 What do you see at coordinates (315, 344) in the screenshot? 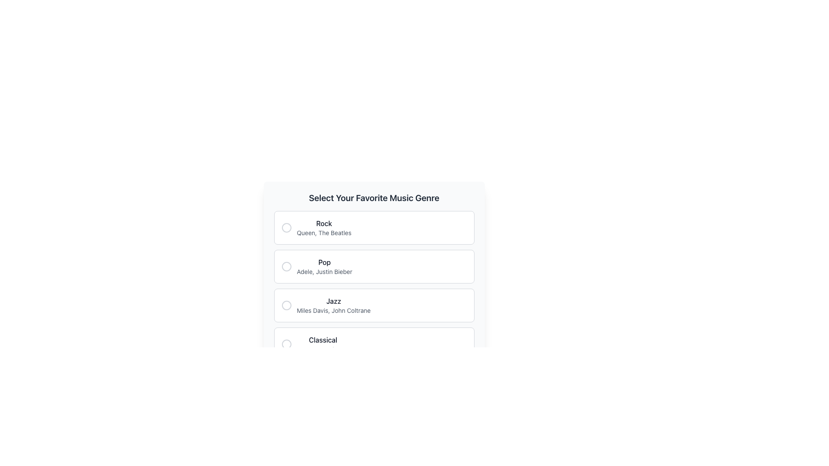
I see `the static label that reads 'Classical' with additional text 'Mozart, Beethoven' positioned fourth in the vertical list of music genres` at bounding box center [315, 344].